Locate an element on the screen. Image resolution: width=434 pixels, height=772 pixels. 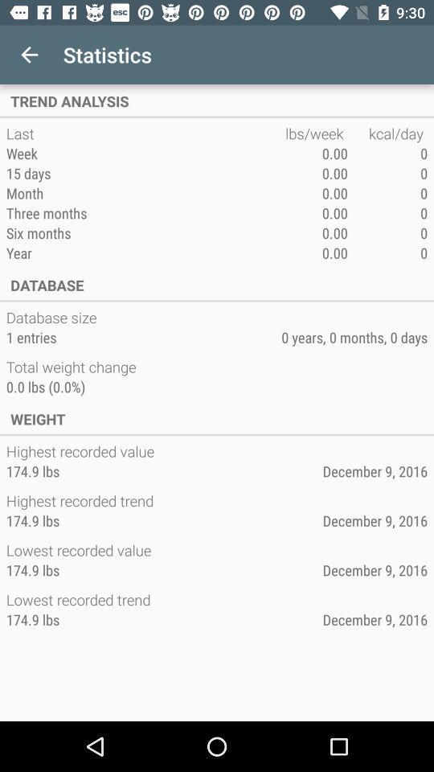
the lbs/week is located at coordinates (316, 133).